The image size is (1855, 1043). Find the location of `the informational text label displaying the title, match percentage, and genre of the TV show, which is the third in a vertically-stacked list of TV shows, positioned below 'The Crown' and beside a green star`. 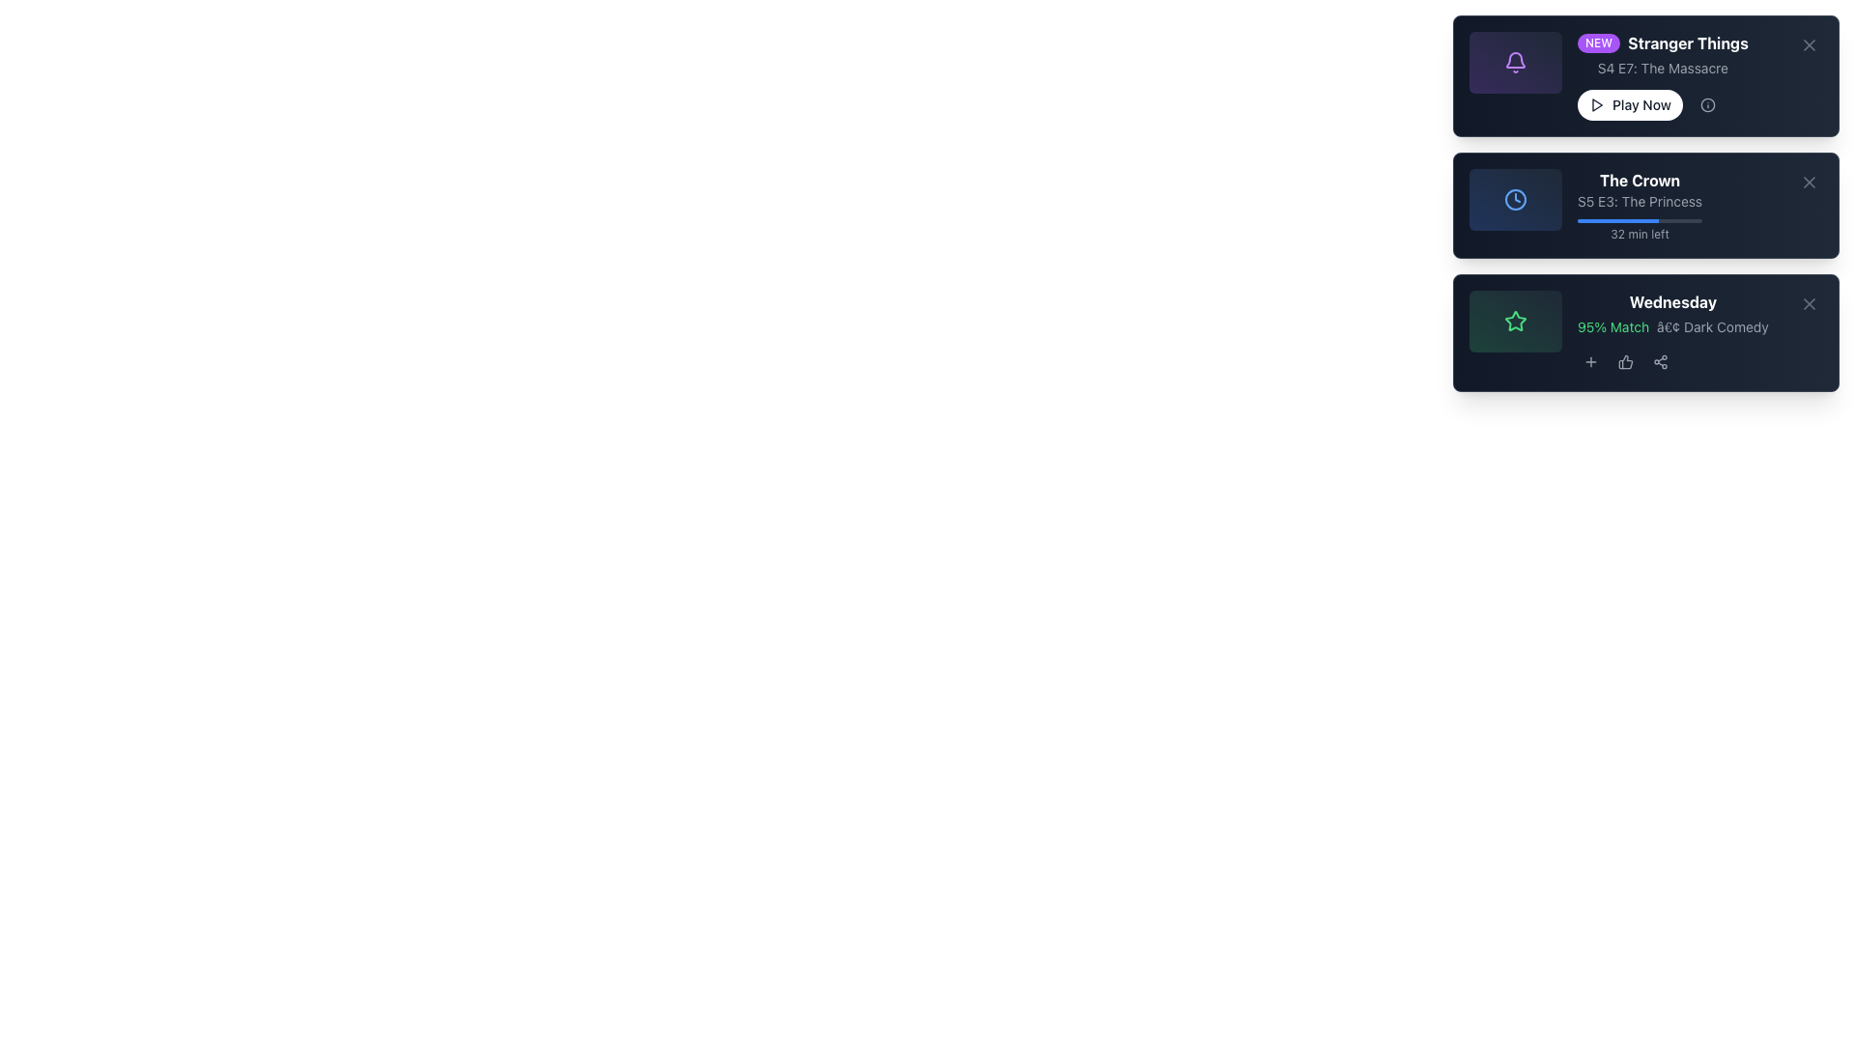

the informational text label displaying the title, match percentage, and genre of the TV show, which is the third in a vertically-stacked list of TV shows, positioned below 'The Crown' and beside a green star is located at coordinates (1671, 331).